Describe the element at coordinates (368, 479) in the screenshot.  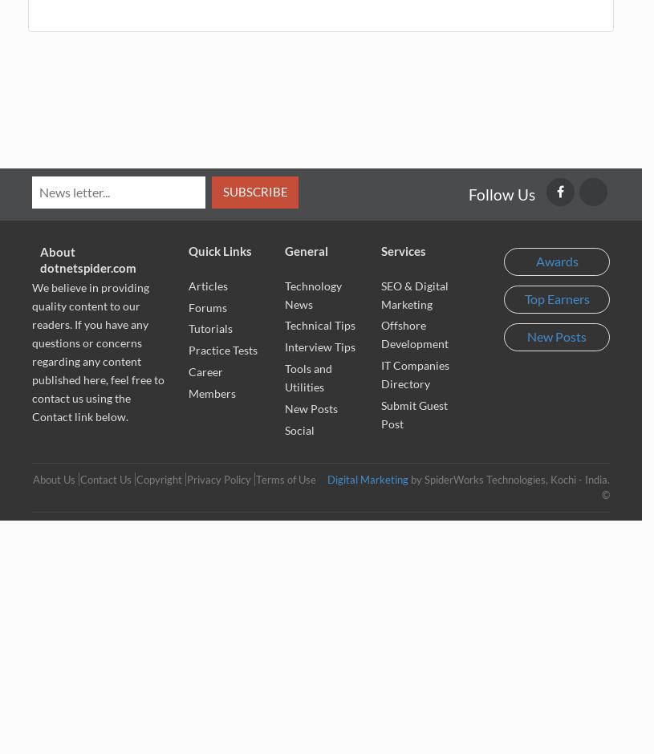
I see `'Digital Marketing'` at that location.